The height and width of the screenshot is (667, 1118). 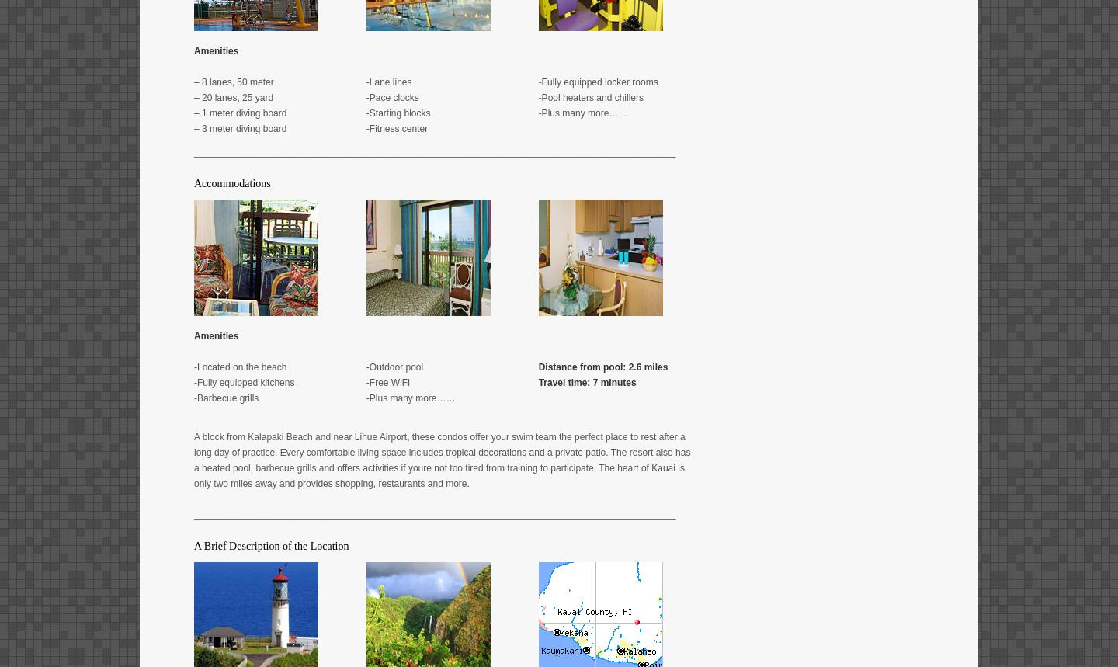 What do you see at coordinates (391, 98) in the screenshot?
I see `'-Pace clocks'` at bounding box center [391, 98].